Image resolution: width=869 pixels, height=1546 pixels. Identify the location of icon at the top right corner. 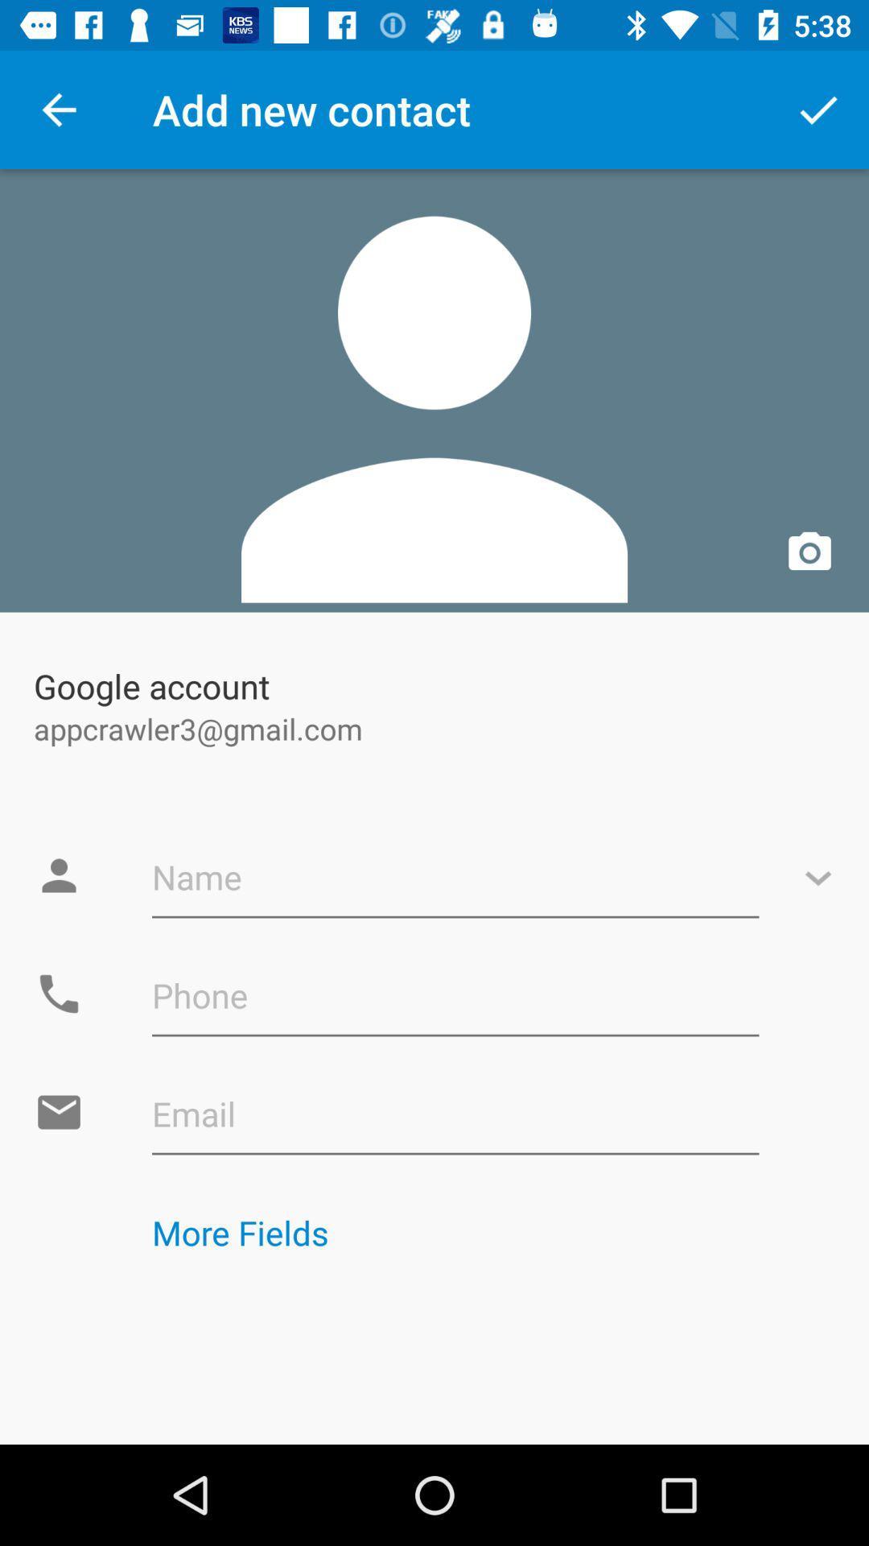
(818, 109).